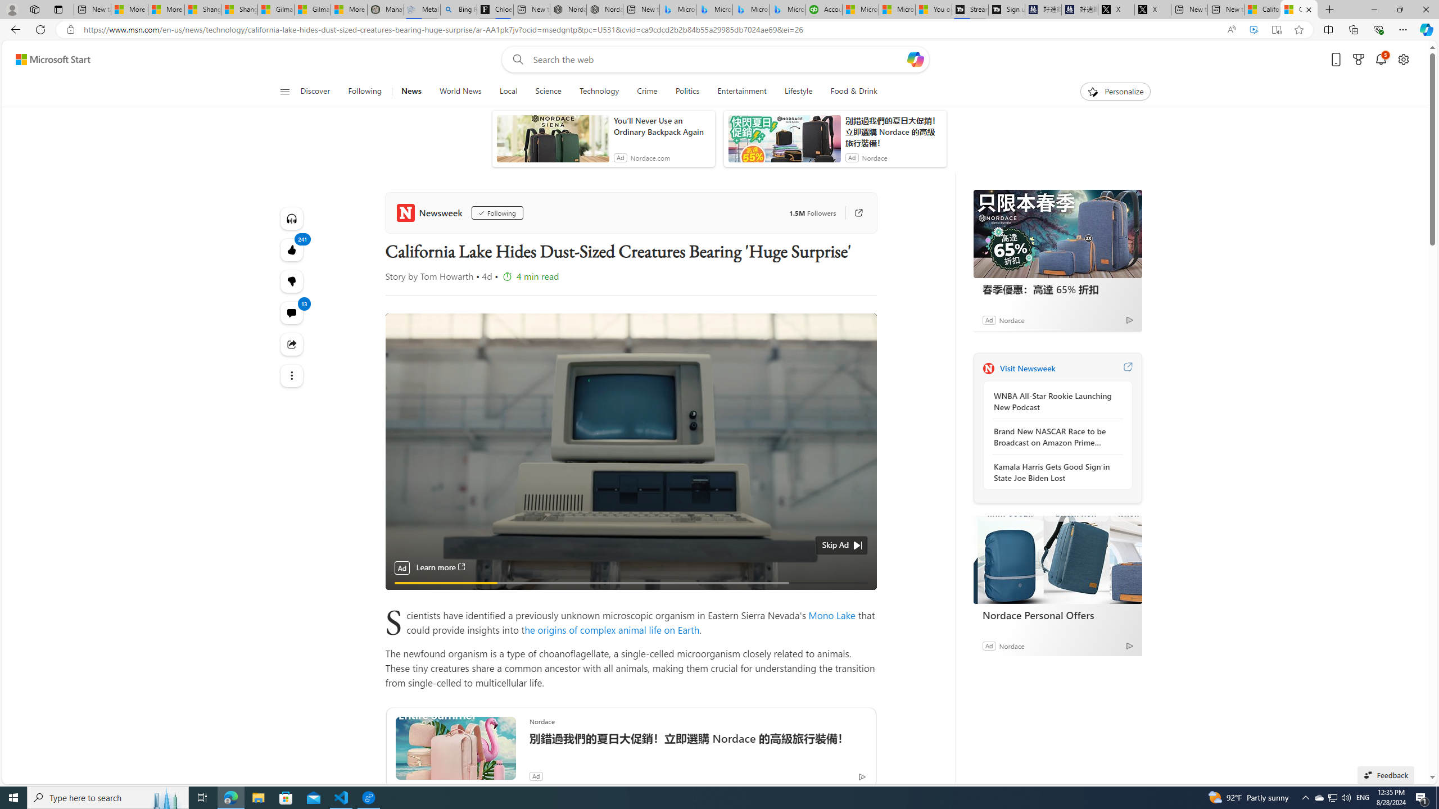 This screenshot has width=1439, height=809. Describe the element at coordinates (460, 91) in the screenshot. I see `'World News'` at that location.